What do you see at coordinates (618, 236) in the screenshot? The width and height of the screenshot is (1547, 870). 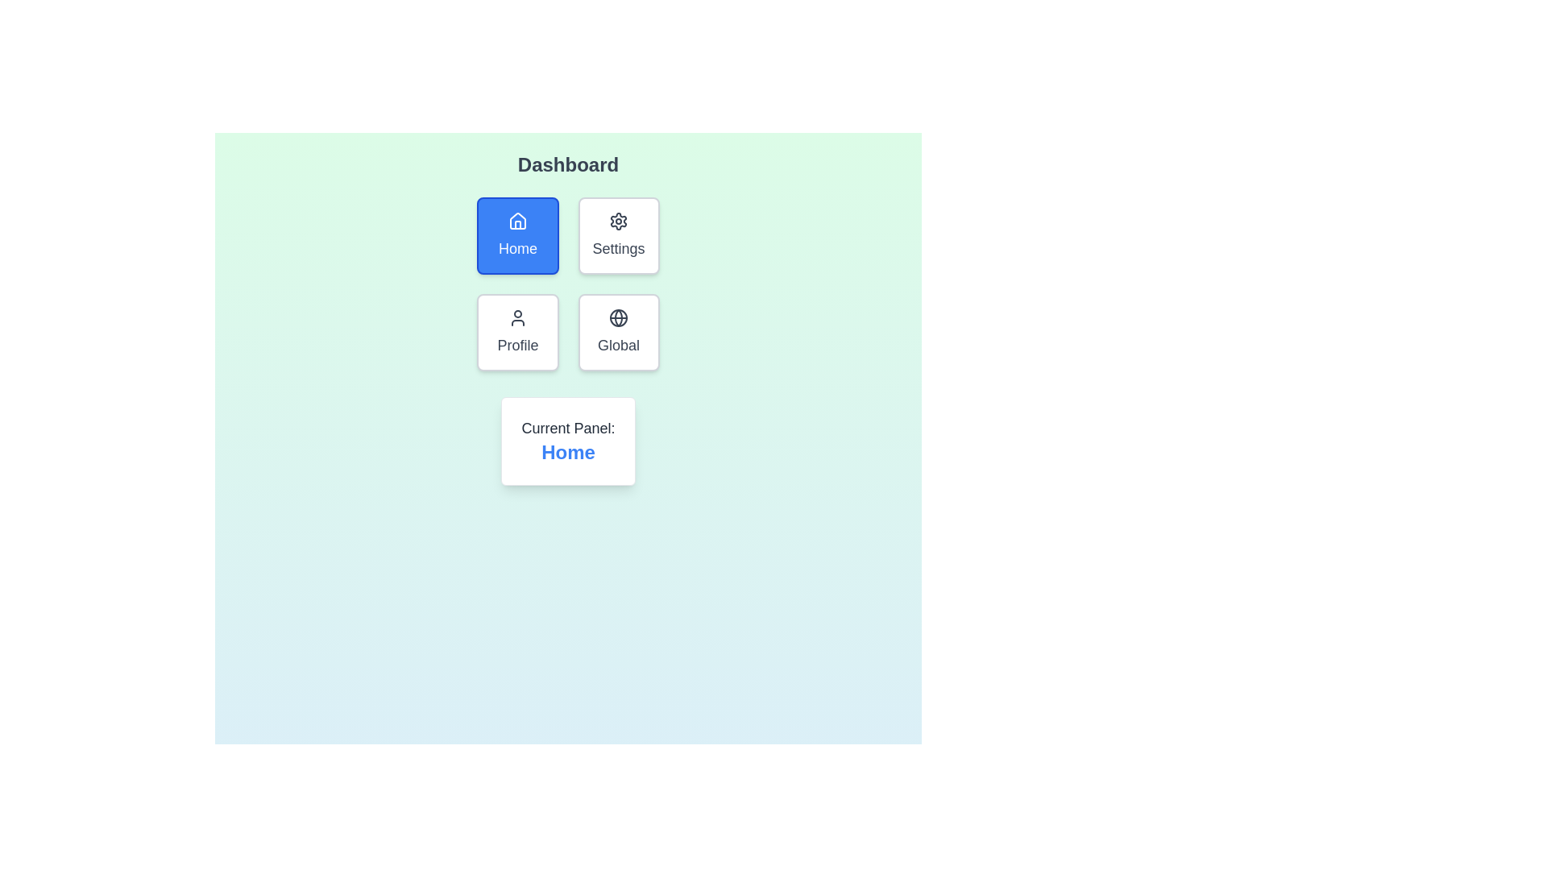 I see `the button for the Settings panel` at bounding box center [618, 236].